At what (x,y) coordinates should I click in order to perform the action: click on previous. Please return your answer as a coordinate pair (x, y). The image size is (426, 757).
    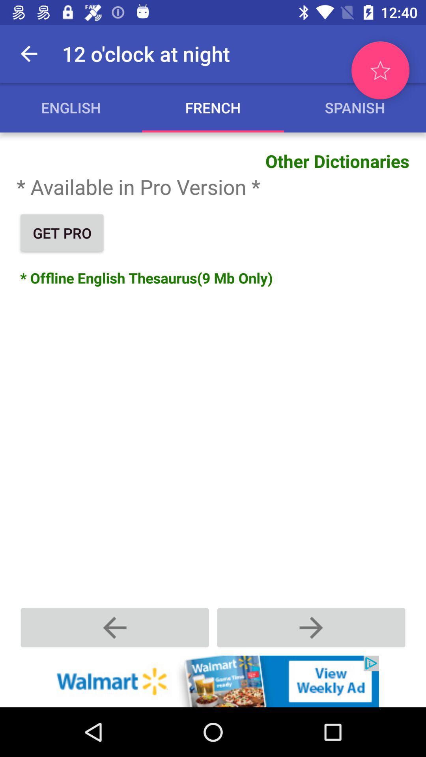
    Looking at the image, I should click on (114, 627).